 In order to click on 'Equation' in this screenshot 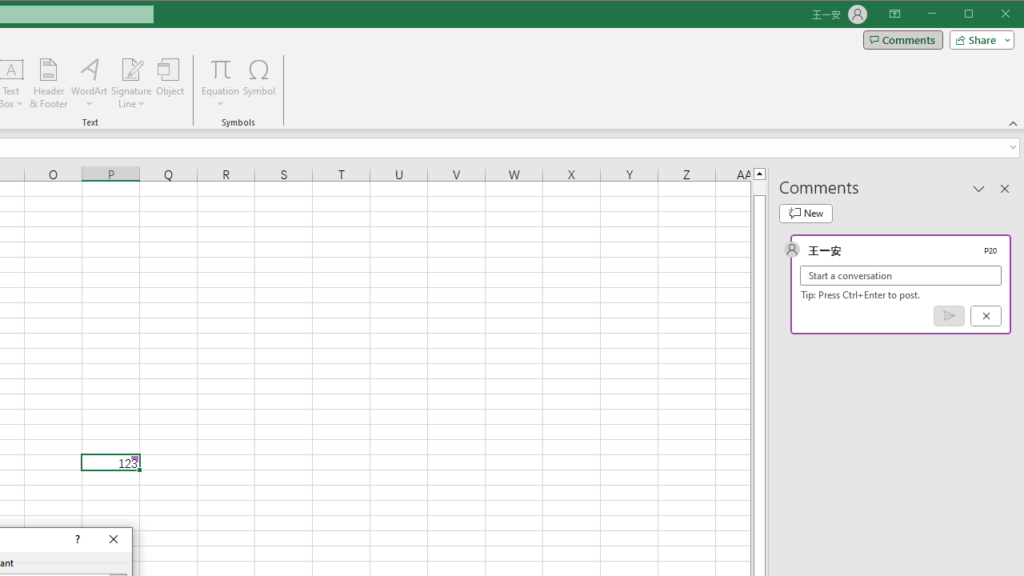, I will do `click(219, 68)`.